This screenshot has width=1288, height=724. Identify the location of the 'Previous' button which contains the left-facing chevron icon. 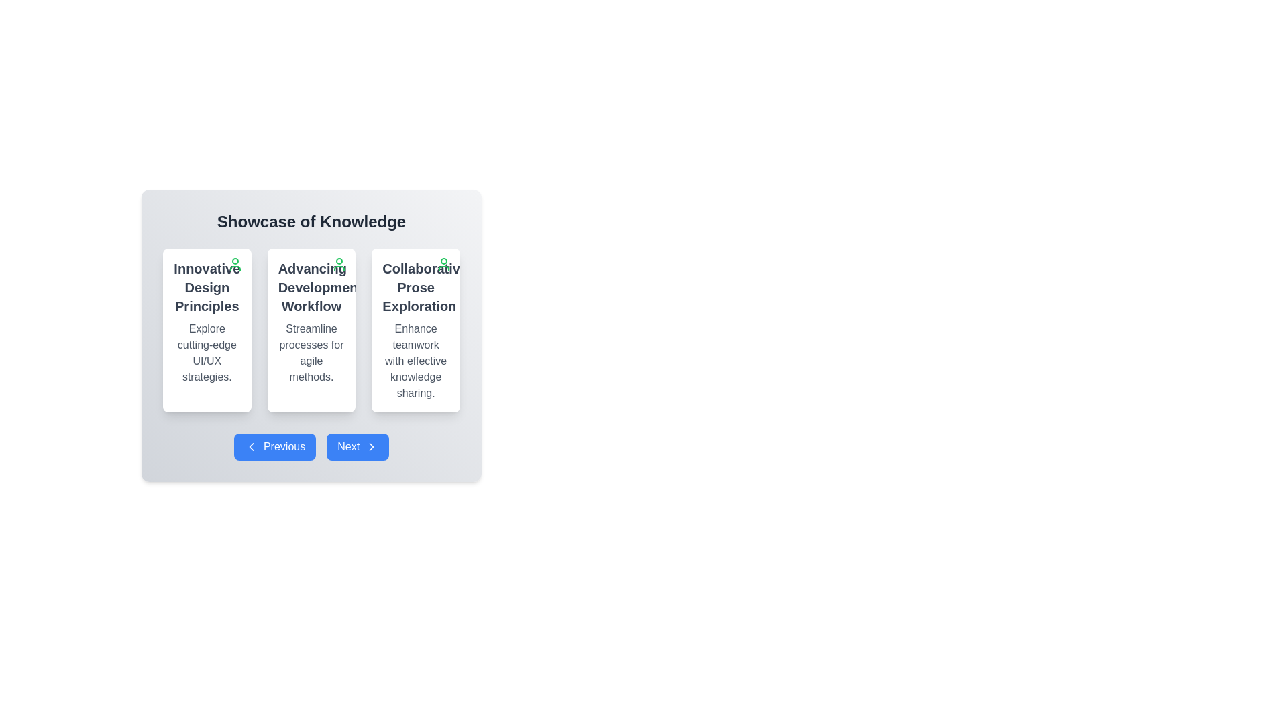
(251, 447).